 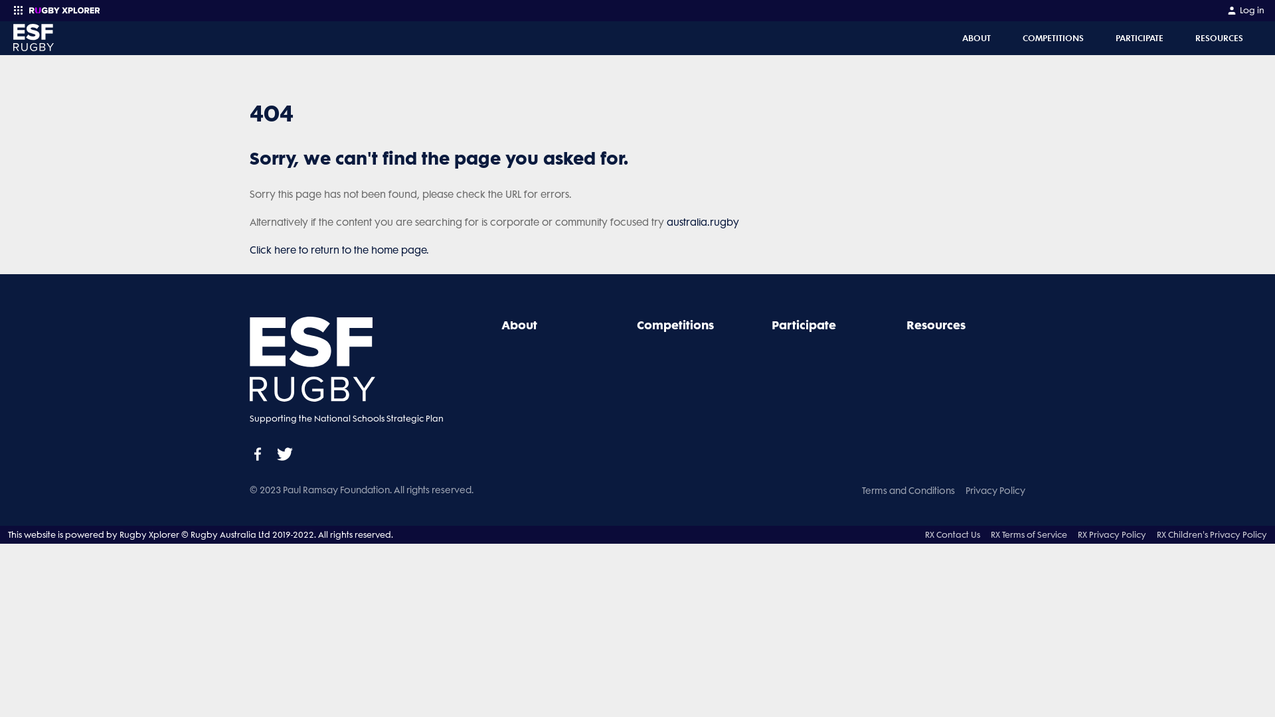 I want to click on 'My Account', so click(x=1226, y=10).